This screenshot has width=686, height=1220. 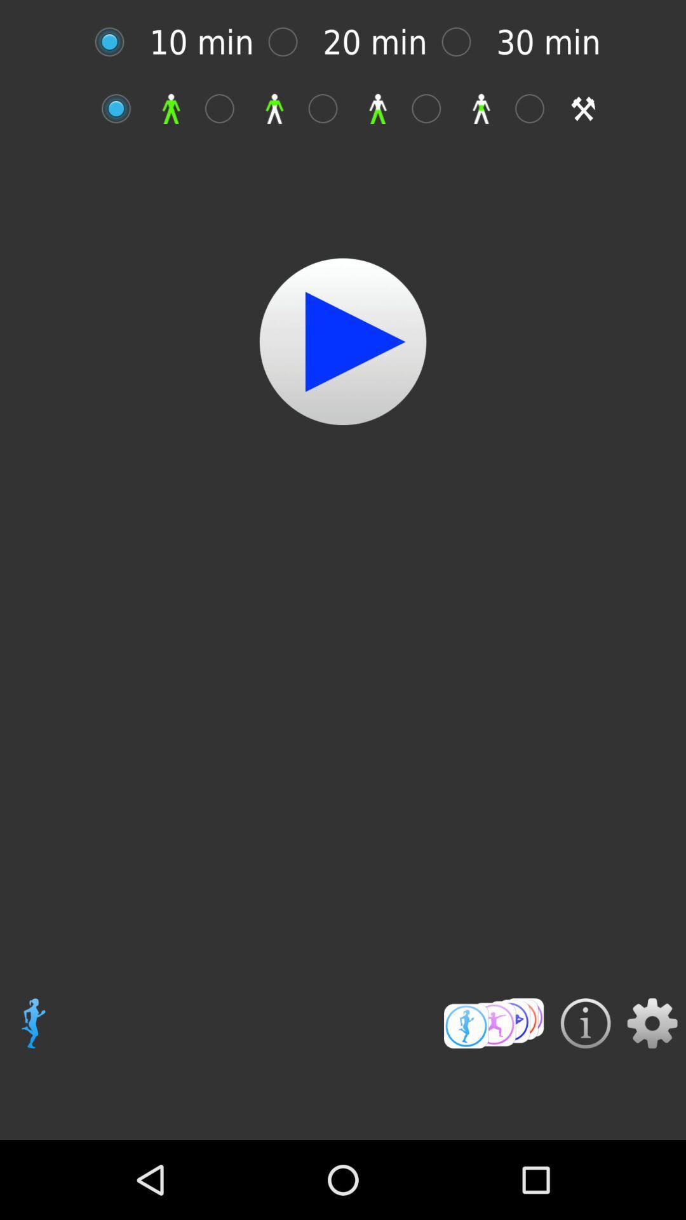 What do you see at coordinates (123, 109) in the screenshot?
I see `full body workout` at bounding box center [123, 109].